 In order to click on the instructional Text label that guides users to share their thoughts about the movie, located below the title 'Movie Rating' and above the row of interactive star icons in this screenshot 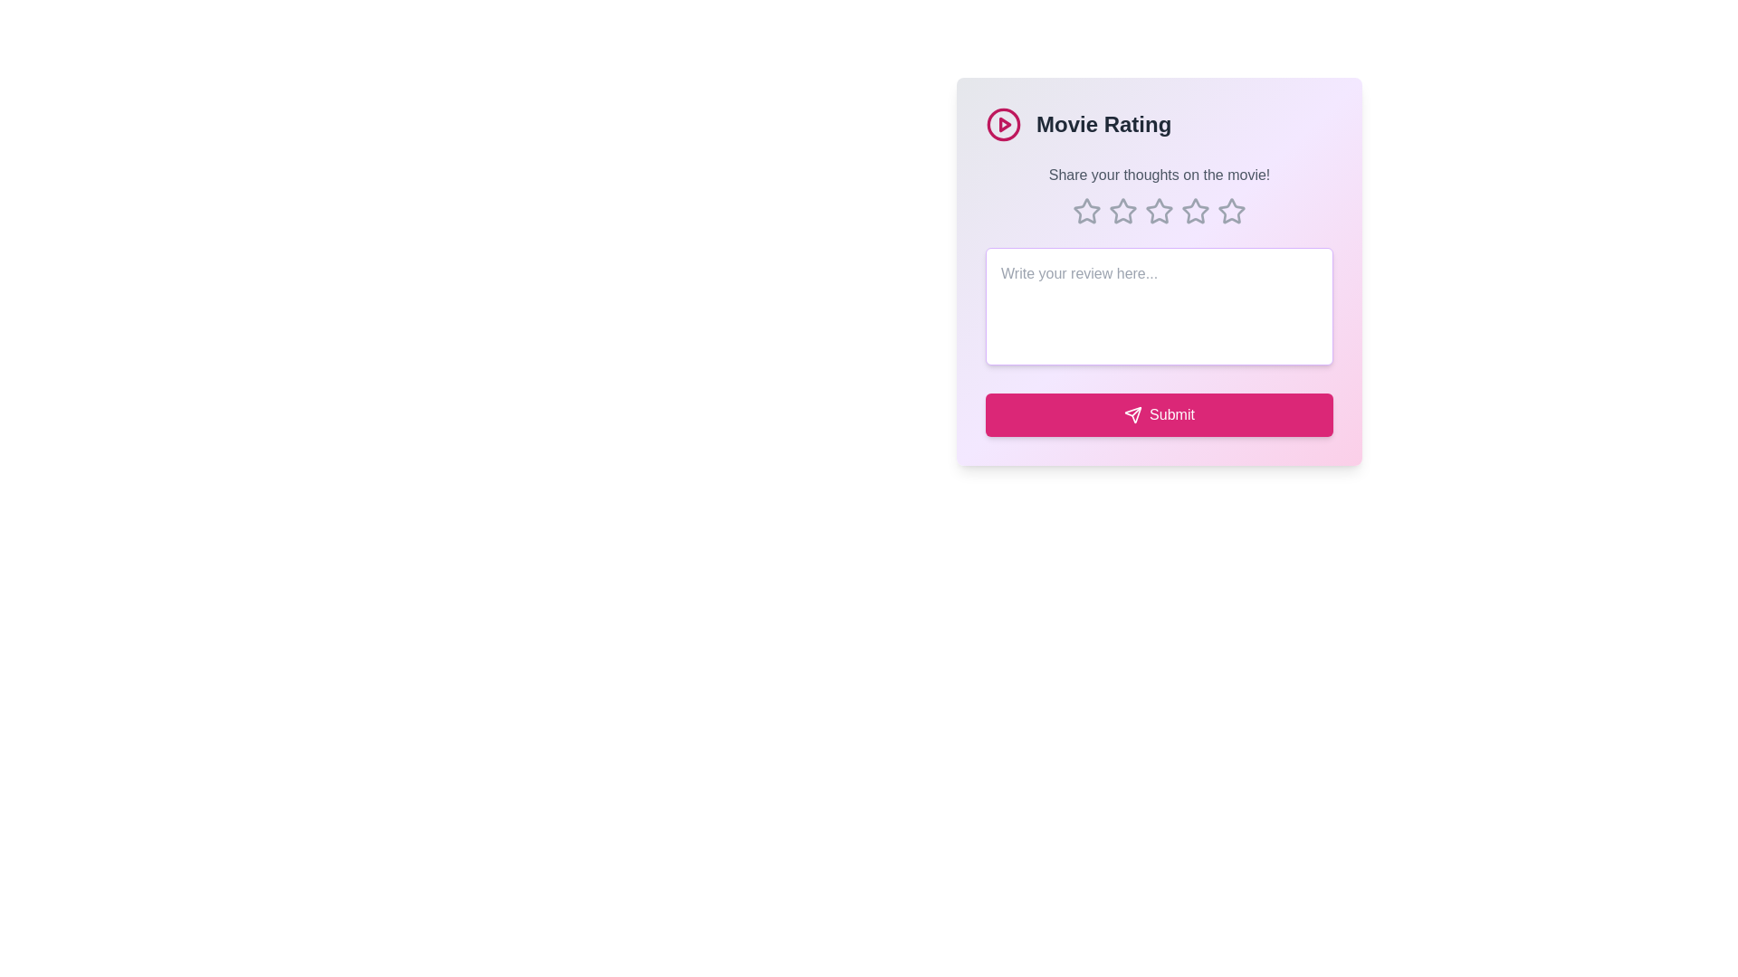, I will do `click(1160, 175)`.